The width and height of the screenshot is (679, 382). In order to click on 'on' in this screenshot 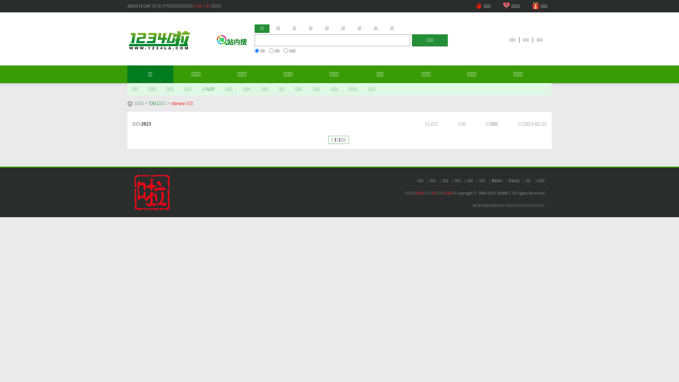, I will do `click(286, 50)`.